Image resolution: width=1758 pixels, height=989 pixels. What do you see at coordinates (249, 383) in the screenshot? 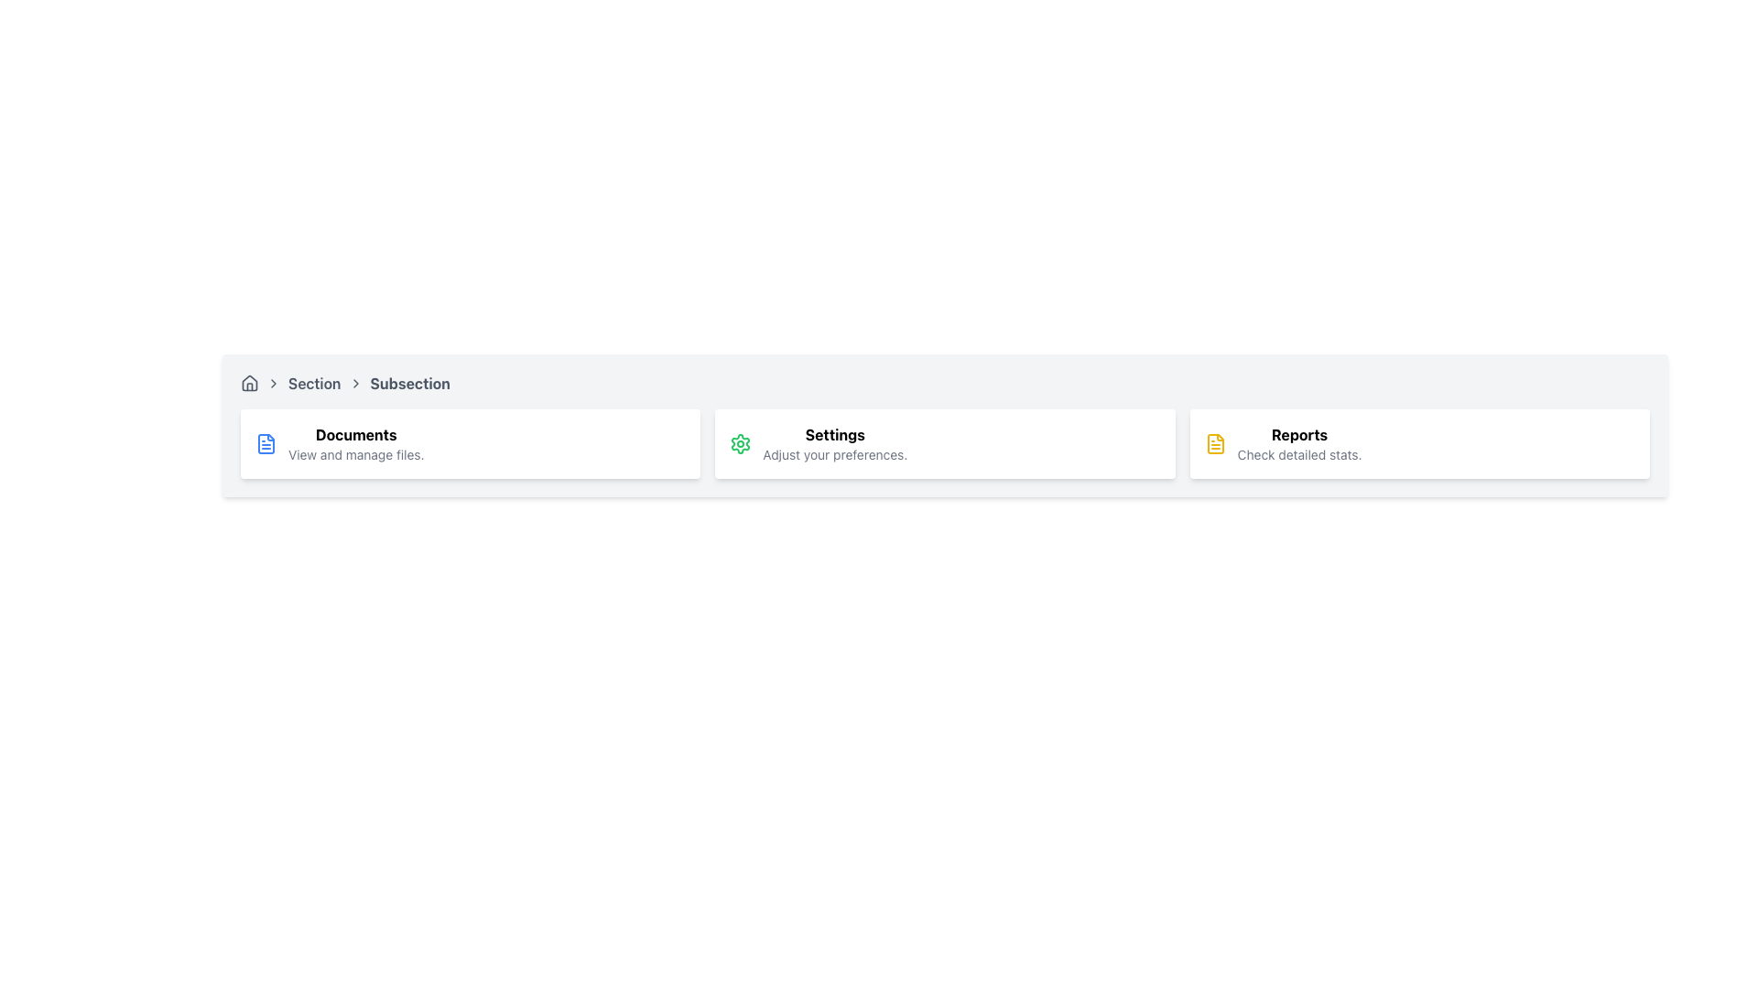
I see `the Home Symbol icon located at the leftmost part of the breadcrumb navigation bar` at bounding box center [249, 383].